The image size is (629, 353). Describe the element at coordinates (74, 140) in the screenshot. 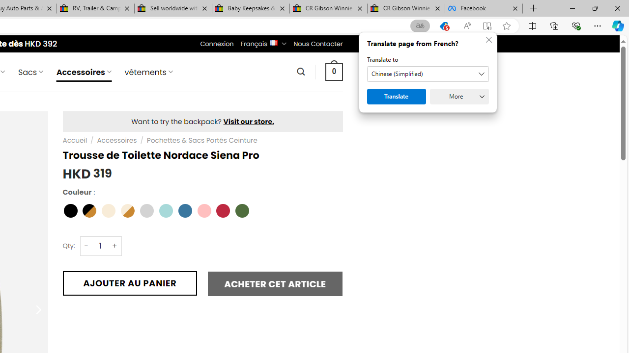

I see `'Accueil'` at that location.